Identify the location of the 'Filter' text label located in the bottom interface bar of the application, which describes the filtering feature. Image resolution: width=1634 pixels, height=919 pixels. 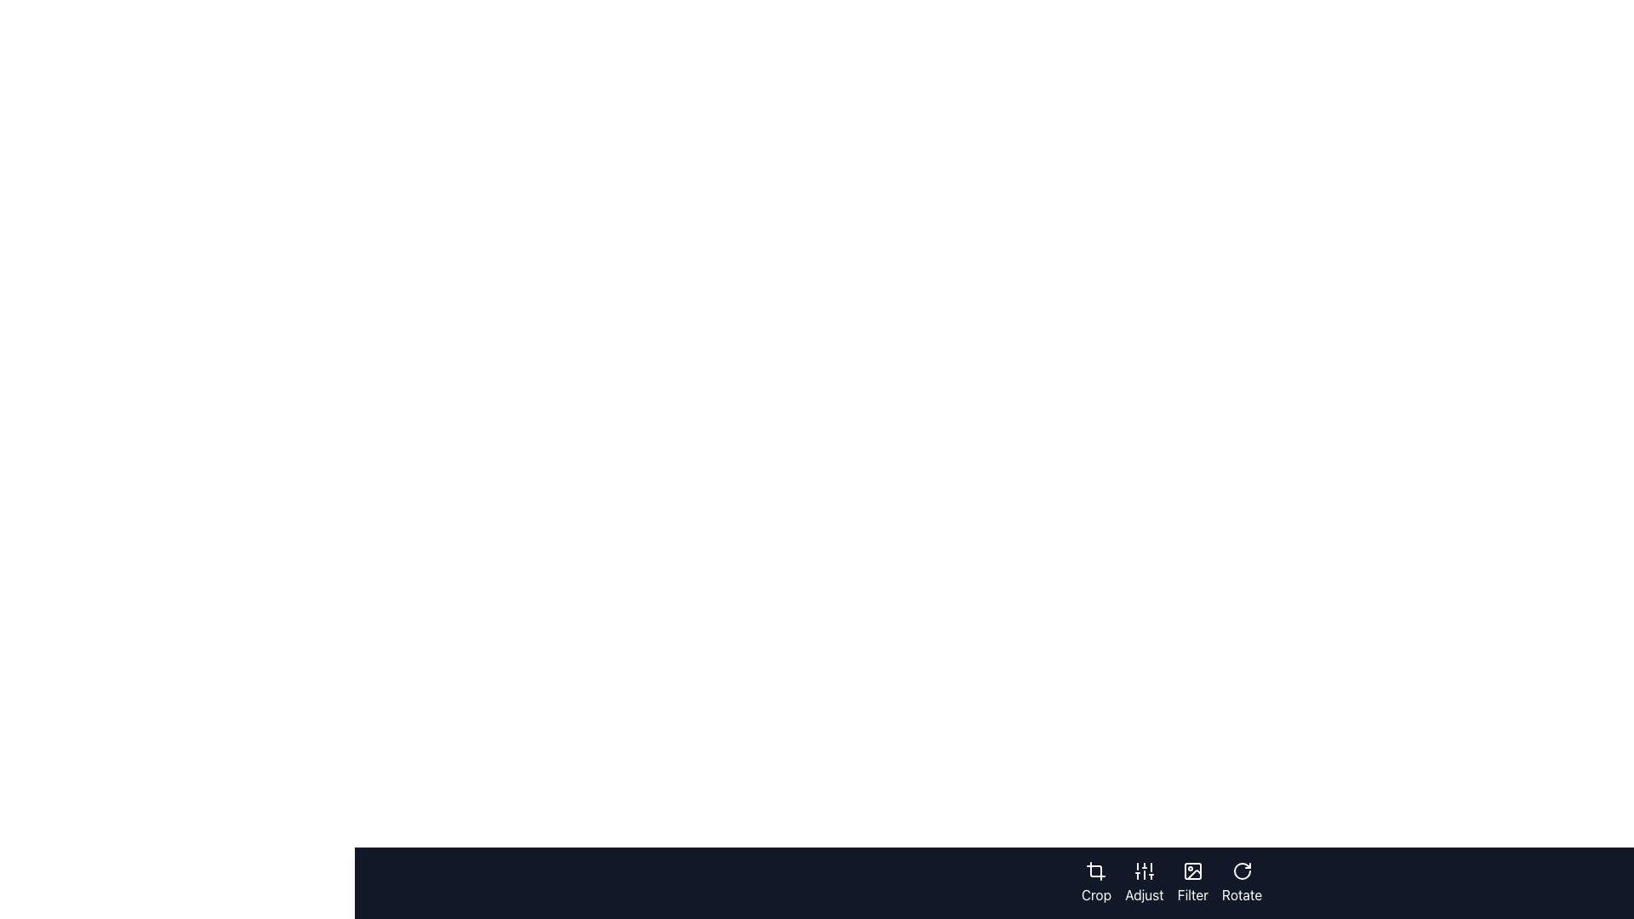
(1191, 894).